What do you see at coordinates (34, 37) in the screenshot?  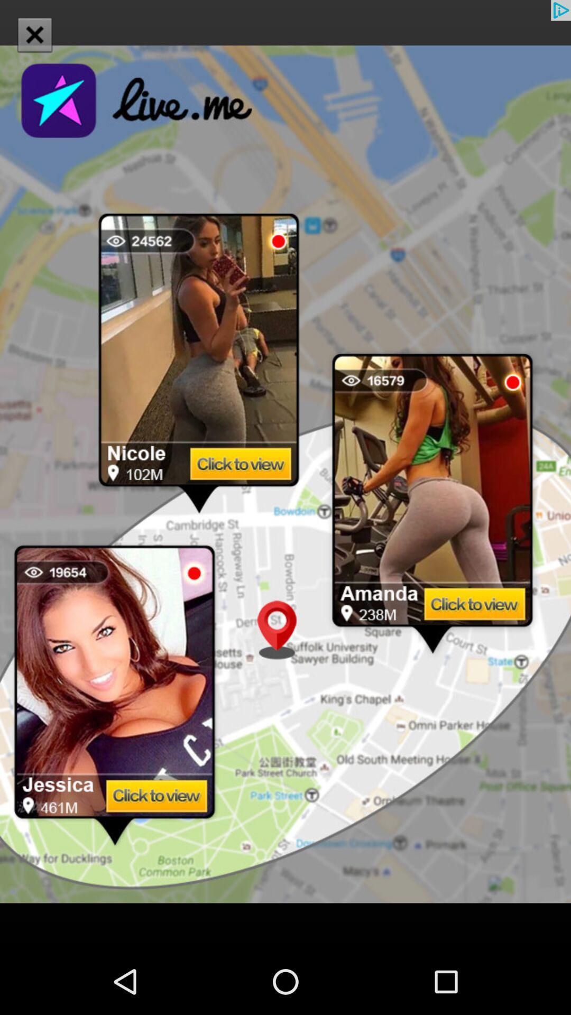 I see `the close icon` at bounding box center [34, 37].